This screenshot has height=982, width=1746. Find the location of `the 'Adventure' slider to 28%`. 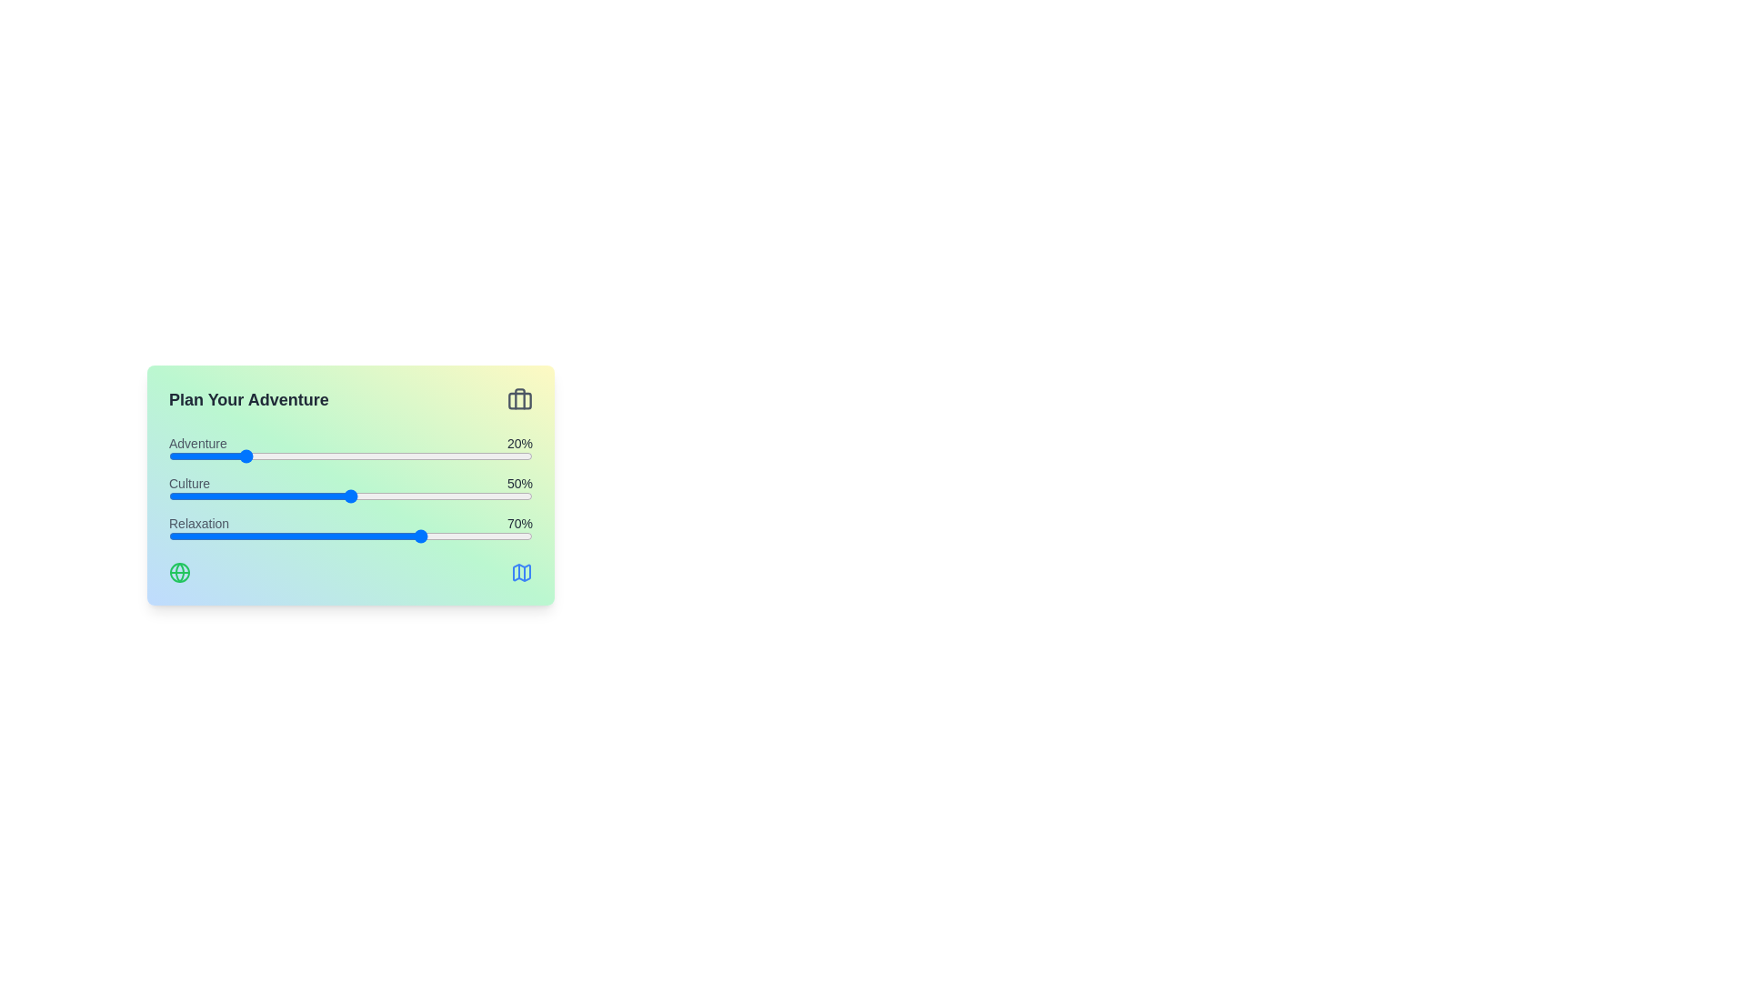

the 'Adventure' slider to 28% is located at coordinates (269, 455).